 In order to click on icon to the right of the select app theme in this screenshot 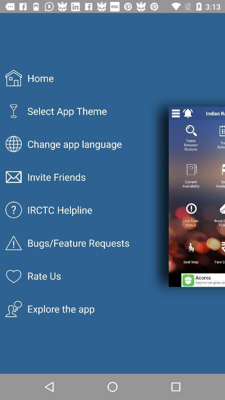, I will do `click(175, 113)`.